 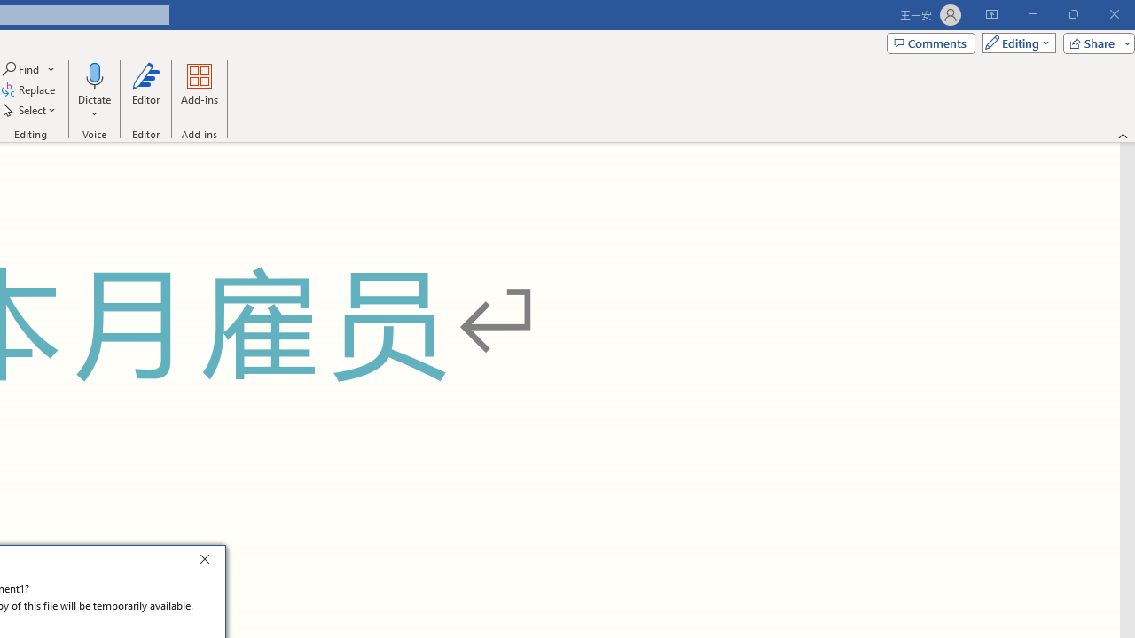 What do you see at coordinates (145, 91) in the screenshot?
I see `'Editor'` at bounding box center [145, 91].